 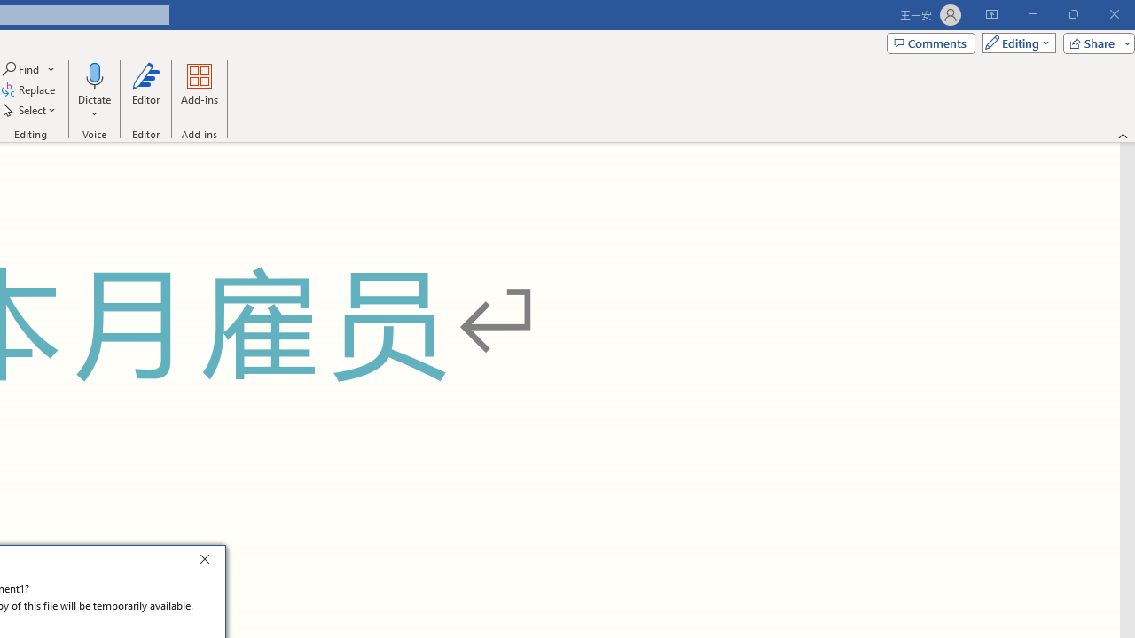 What do you see at coordinates (145, 91) in the screenshot?
I see `'Editor'` at bounding box center [145, 91].